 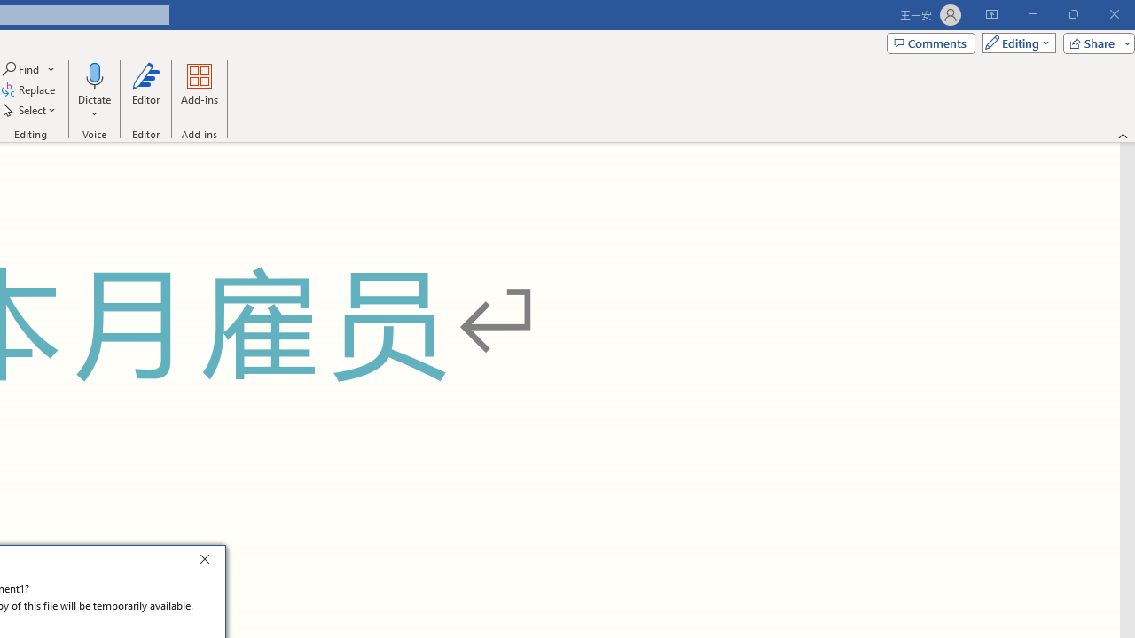 What do you see at coordinates (145, 91) in the screenshot?
I see `'Editor'` at bounding box center [145, 91].